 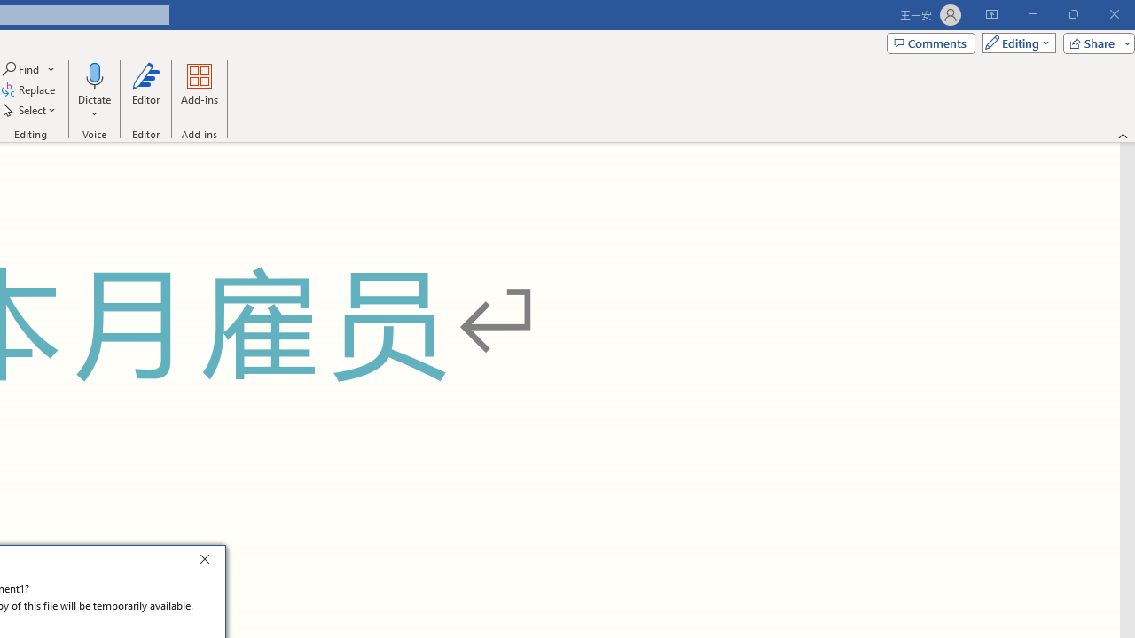 What do you see at coordinates (145, 91) in the screenshot?
I see `'Editor'` at bounding box center [145, 91].